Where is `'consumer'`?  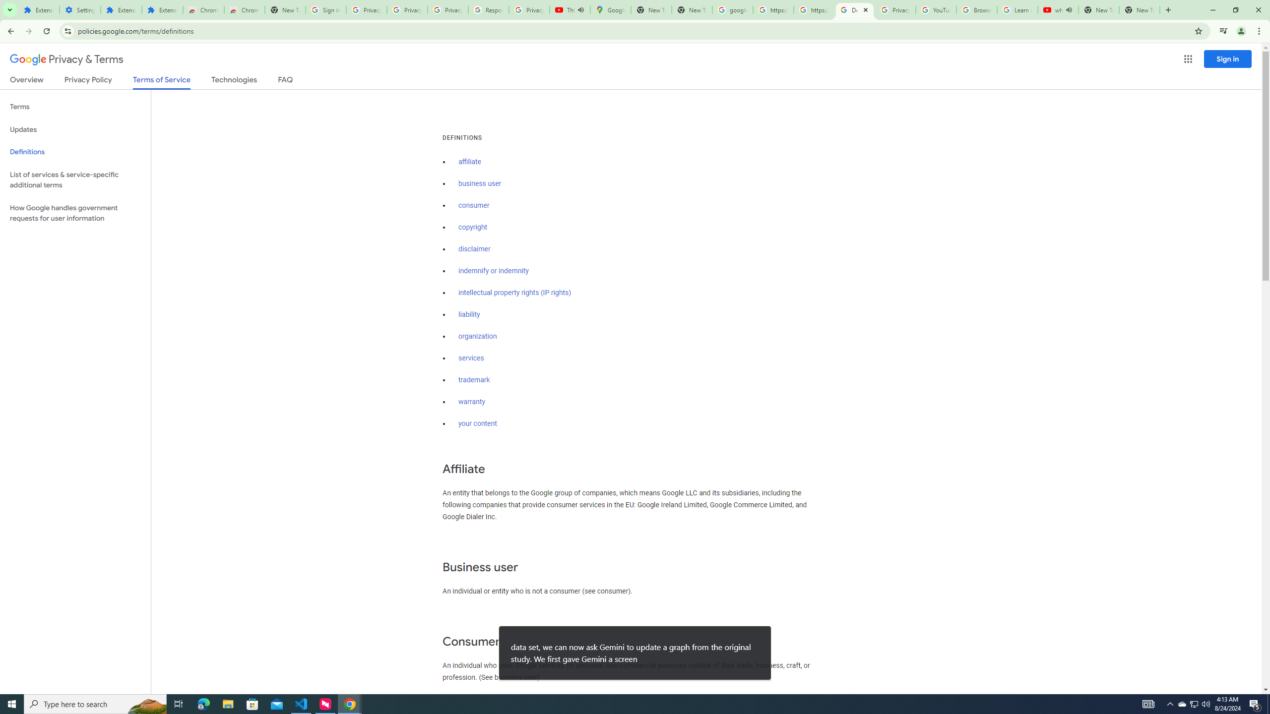
'consumer' is located at coordinates (474, 205).